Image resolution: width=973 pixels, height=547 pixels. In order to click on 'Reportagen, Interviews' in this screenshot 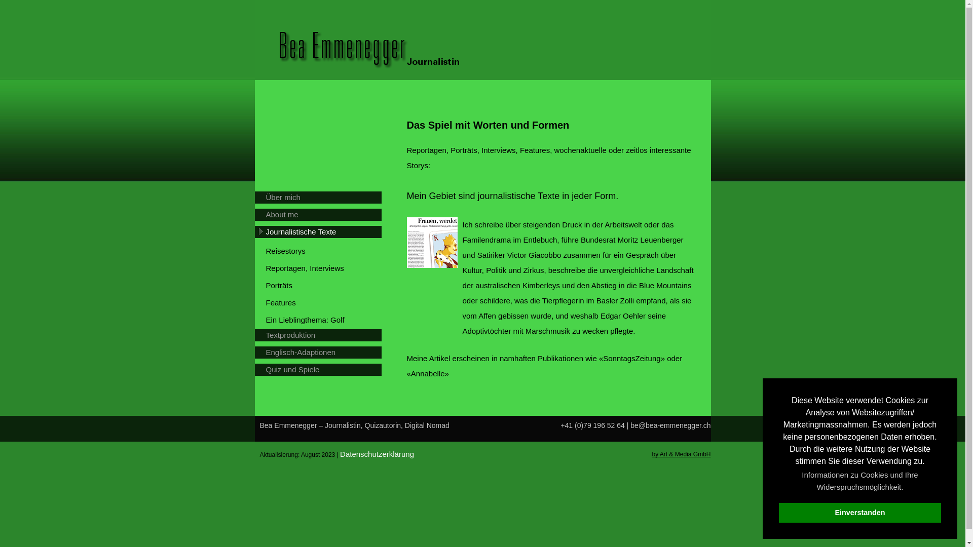, I will do `click(323, 267)`.